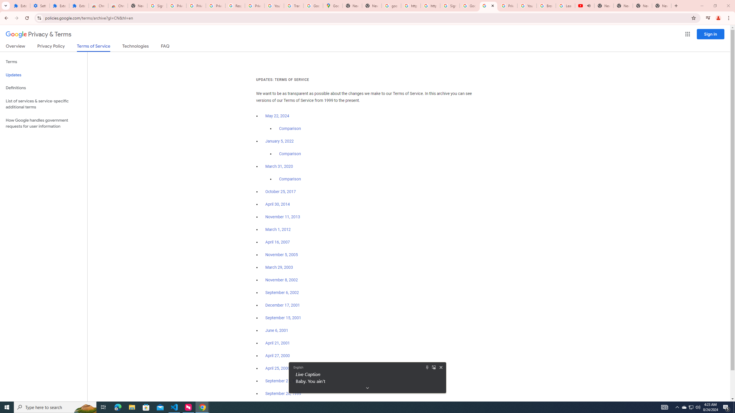 This screenshot has width=735, height=413. I want to click on 'Extensions', so click(59, 5).